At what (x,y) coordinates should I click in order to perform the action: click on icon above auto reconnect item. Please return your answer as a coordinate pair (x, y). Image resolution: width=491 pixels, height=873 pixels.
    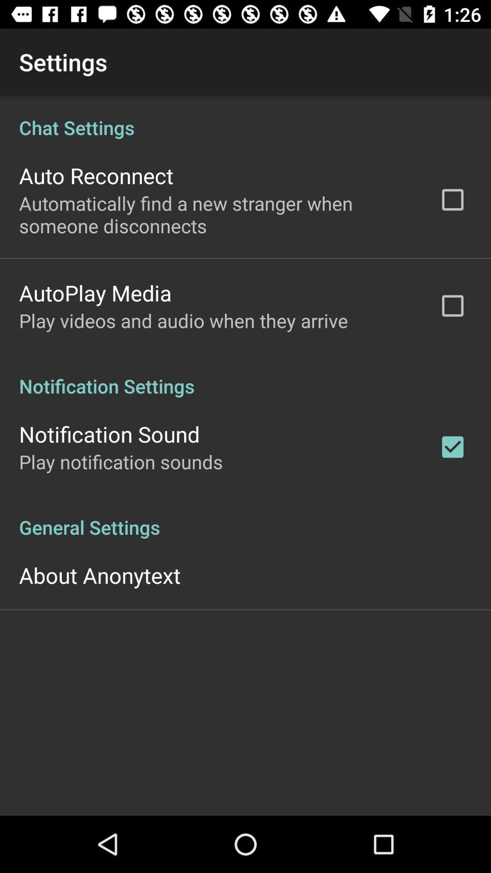
    Looking at the image, I should click on (245, 117).